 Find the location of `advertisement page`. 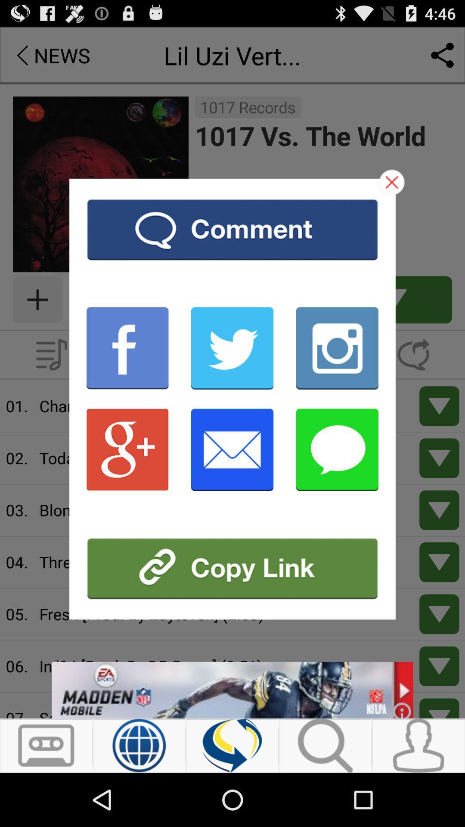

advertisement page is located at coordinates (232, 569).